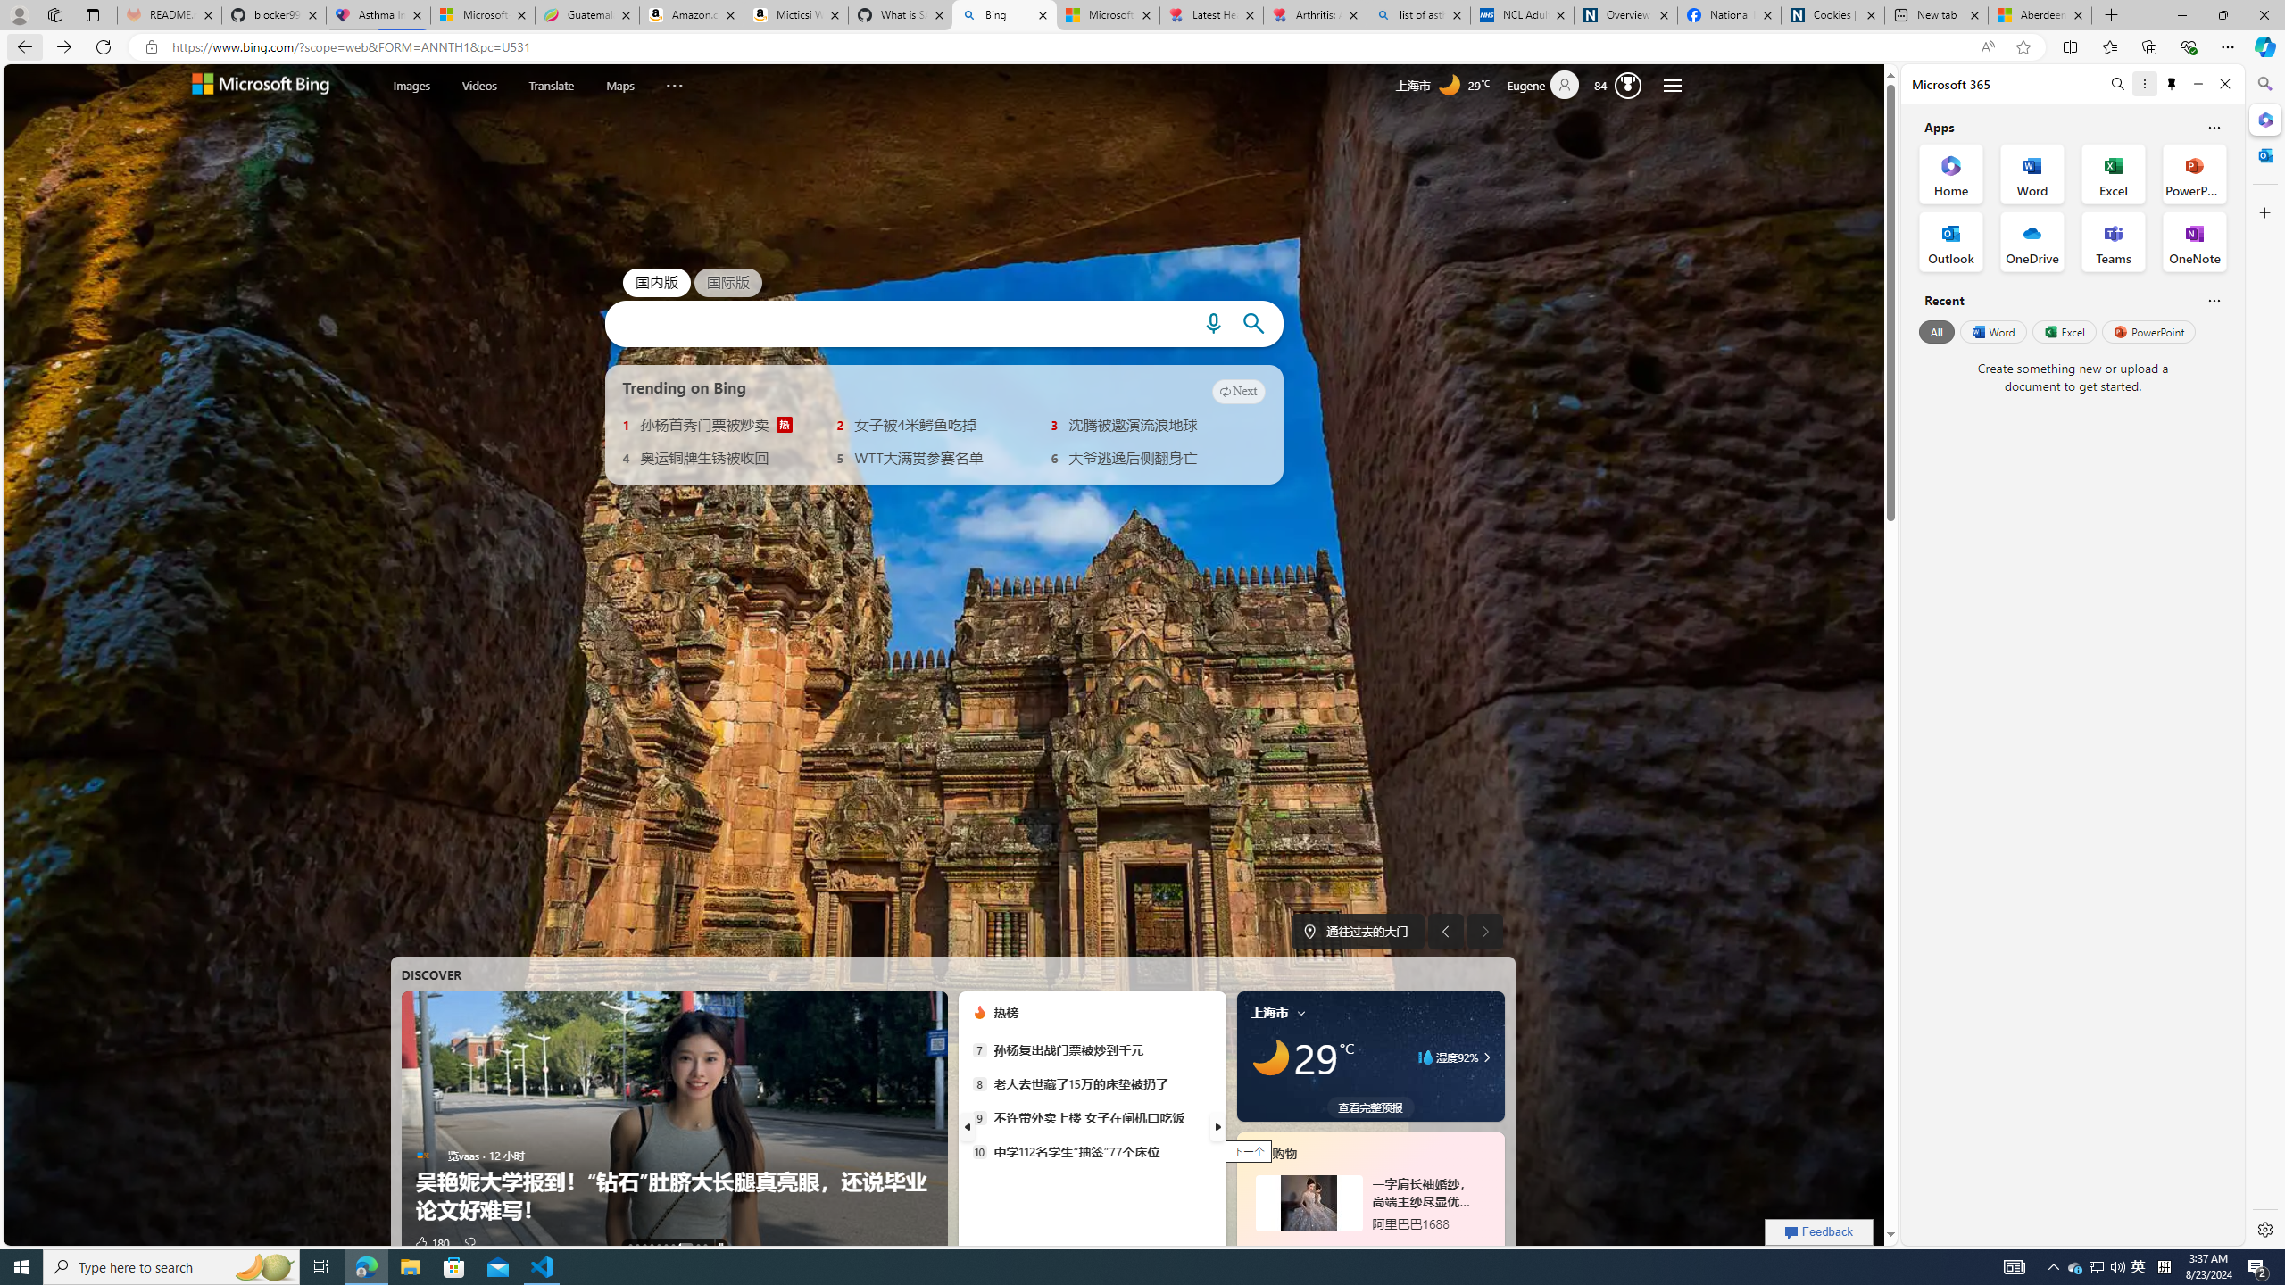 This screenshot has width=2285, height=1285. I want to click on 'AutomationID: rh_meter', so click(1629, 85).